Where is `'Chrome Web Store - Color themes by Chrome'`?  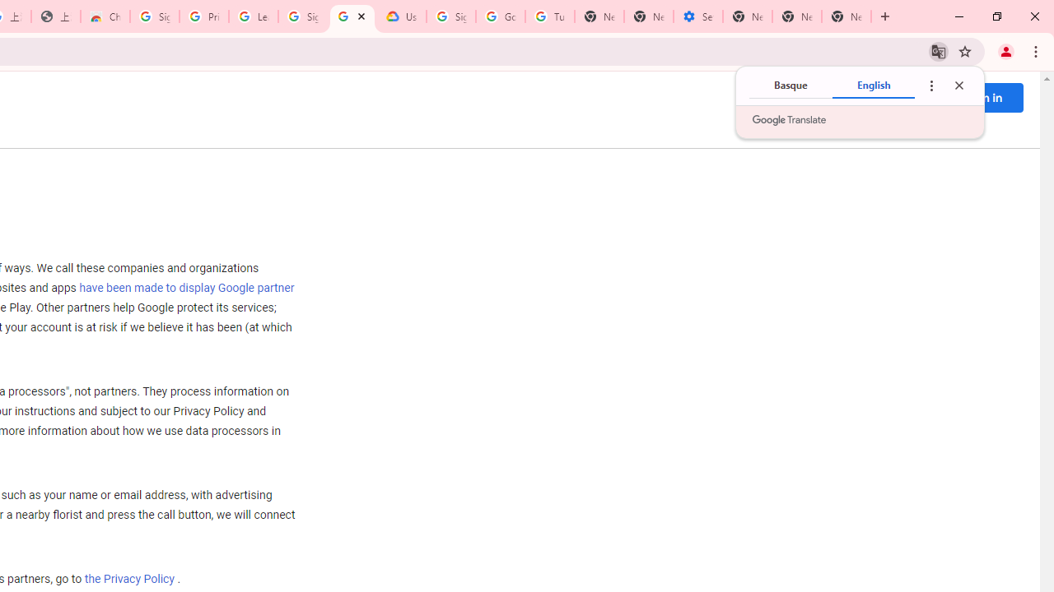
'Chrome Web Store - Color themes by Chrome' is located at coordinates (105, 16).